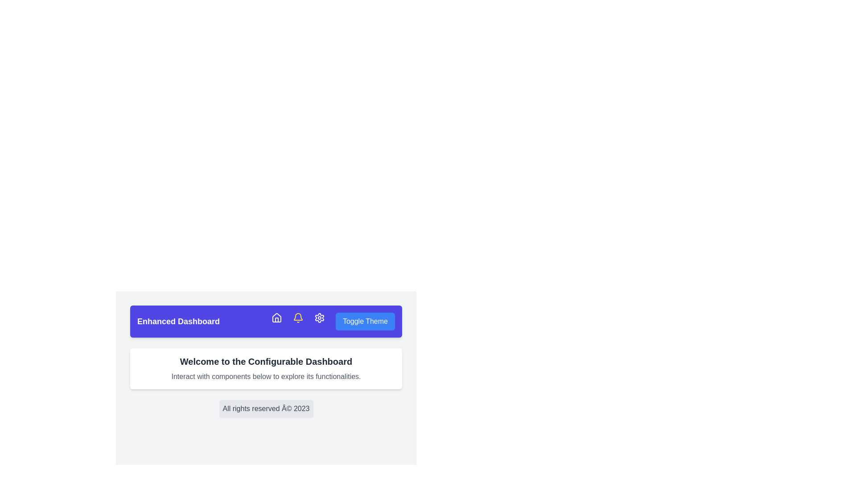 The height and width of the screenshot is (481, 856). What do you see at coordinates (298, 316) in the screenshot?
I see `the notification bell icon located in the top navigation bar, which is styled with a rounded yellow appearance and represents a notification feature` at bounding box center [298, 316].